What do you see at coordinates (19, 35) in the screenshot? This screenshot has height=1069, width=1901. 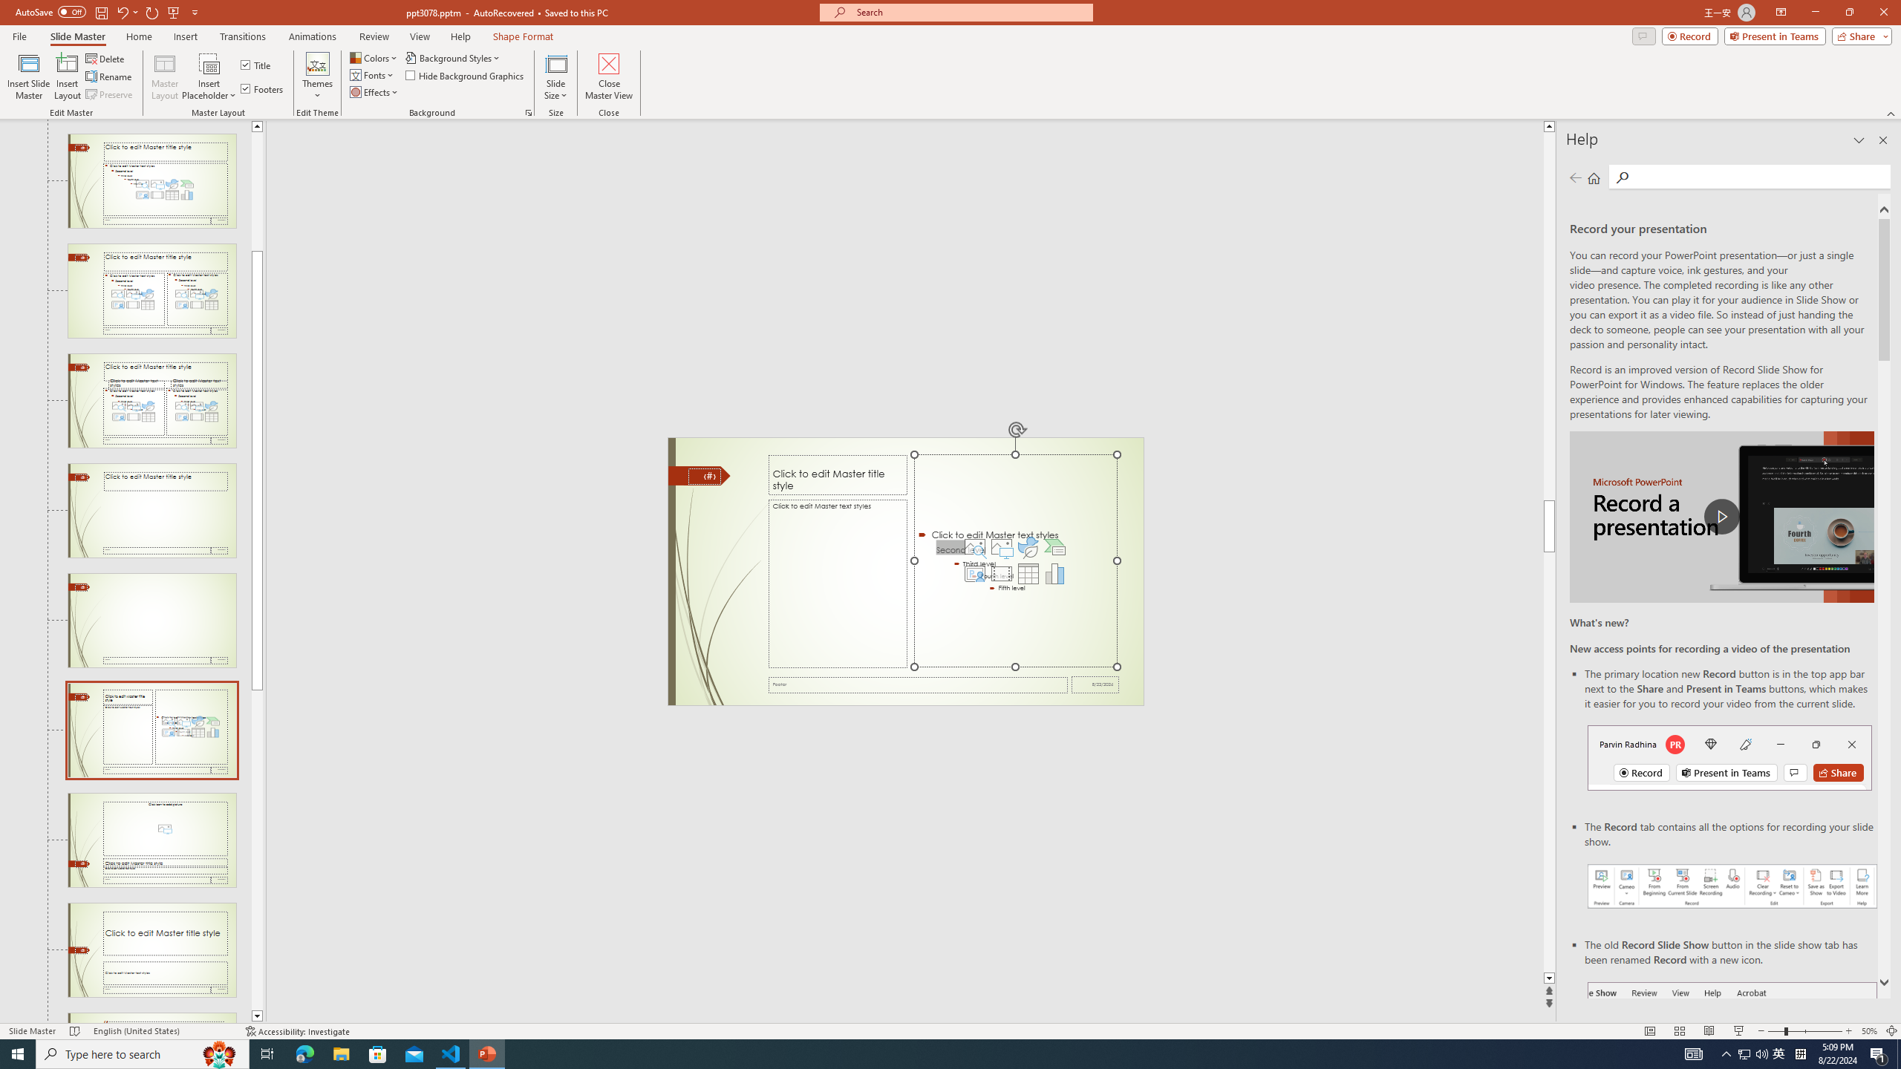 I see `'File Tab'` at bounding box center [19, 35].